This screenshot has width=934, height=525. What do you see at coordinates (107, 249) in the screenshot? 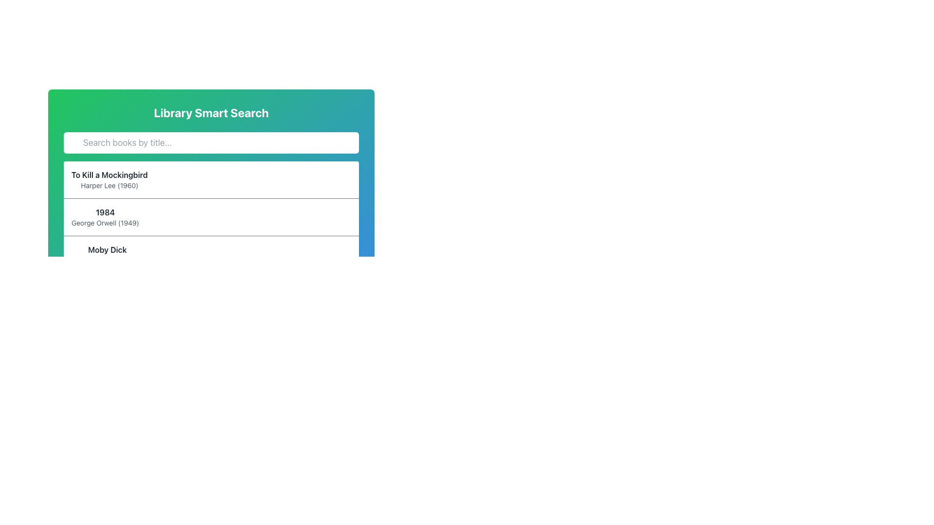
I see `the title text 'Moby Dick', which serves as the heading in the Library Smart Search section` at bounding box center [107, 249].